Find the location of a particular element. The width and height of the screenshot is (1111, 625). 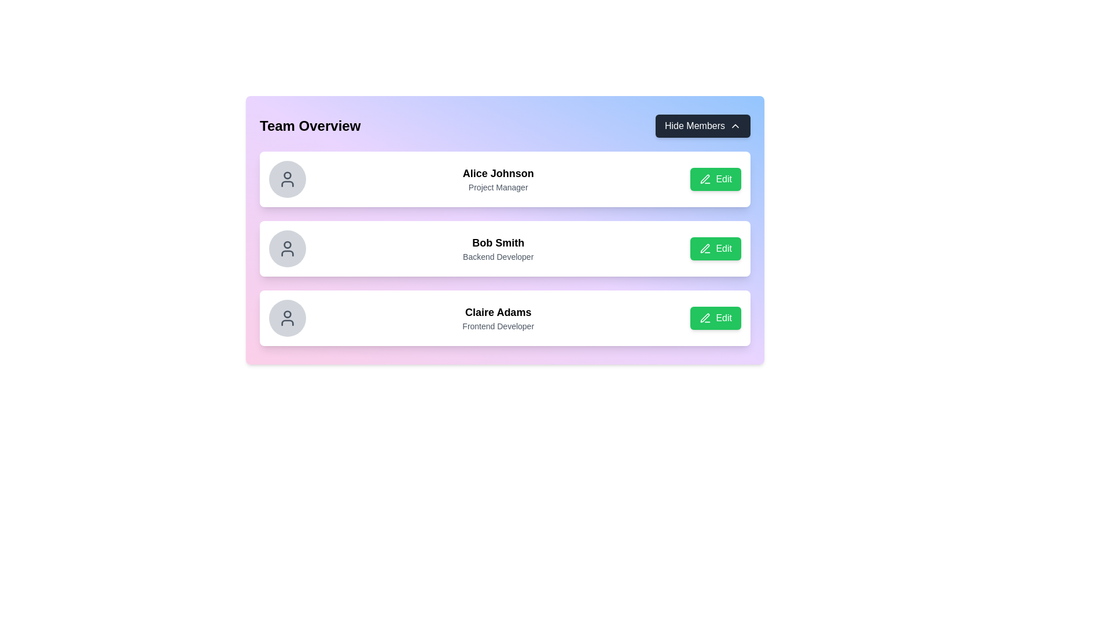

the green 'Edit' button icon, which is a minimalistic pen SVG graphic located on the right side of the second row in the vertically stacked list is located at coordinates (705, 318).